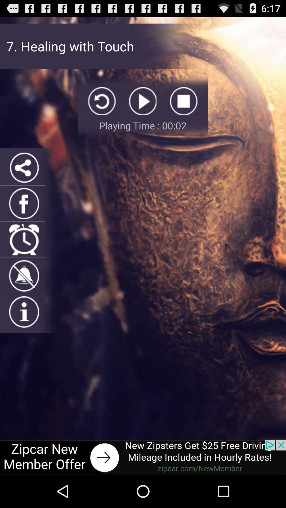 The image size is (286, 508). What do you see at coordinates (24, 333) in the screenshot?
I see `the info icon` at bounding box center [24, 333].